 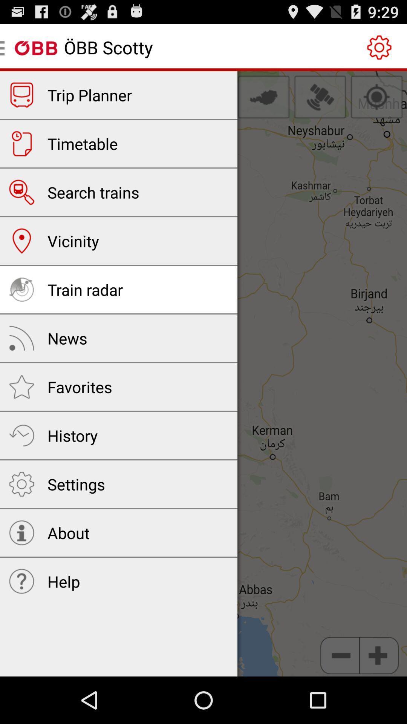 What do you see at coordinates (203, 374) in the screenshot?
I see `the icon at the center` at bounding box center [203, 374].